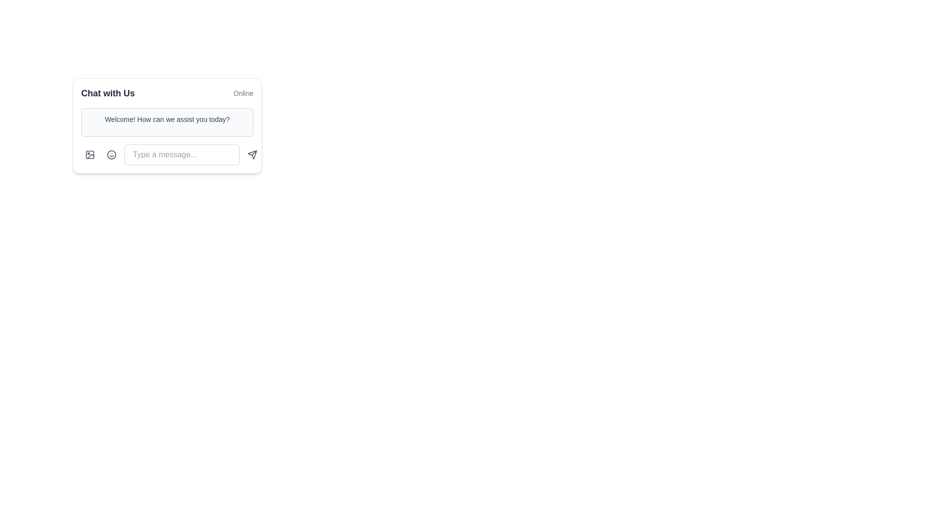  I want to click on the static text label displaying 'Online' located at the top-right of the chat interface, adjacent to 'Chat with Us', so click(243, 93).